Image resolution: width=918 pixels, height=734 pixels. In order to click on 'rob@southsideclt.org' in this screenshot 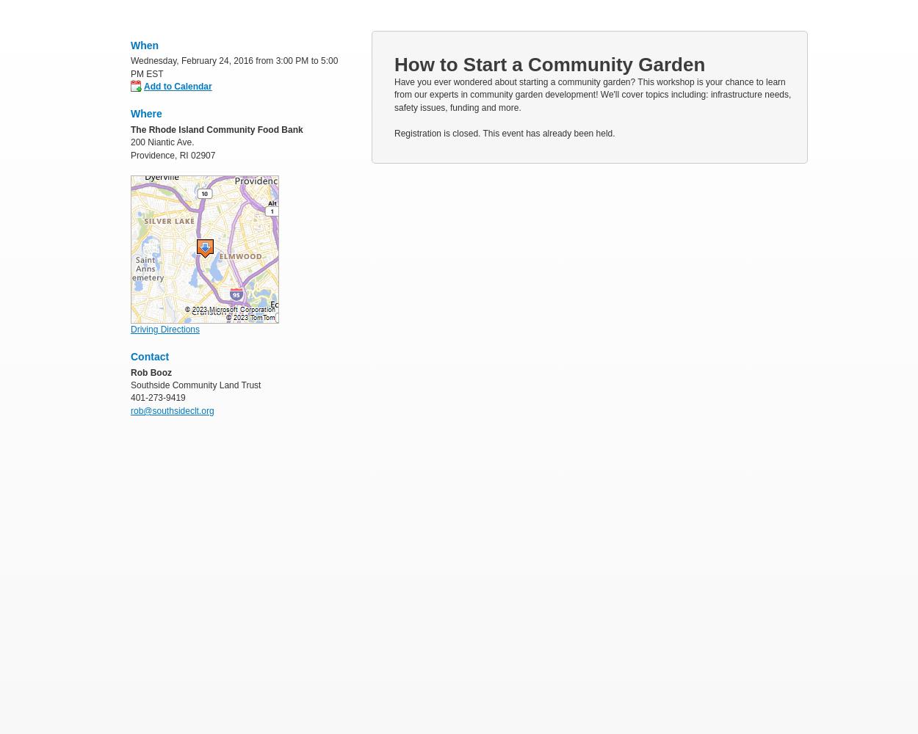, I will do `click(131, 410)`.